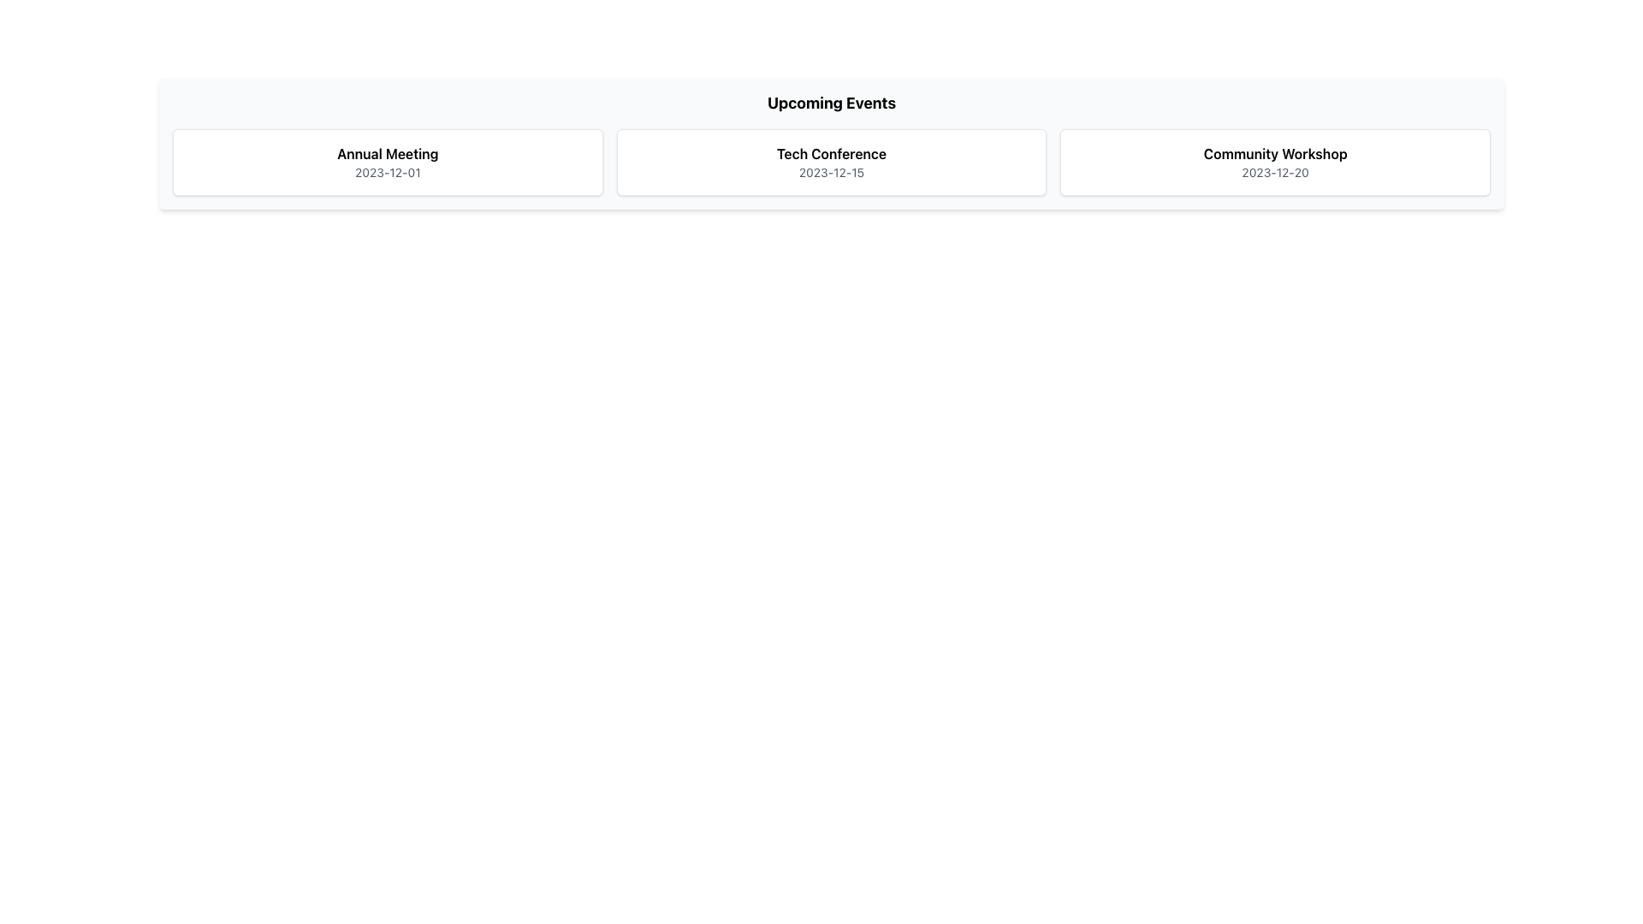  What do you see at coordinates (387, 162) in the screenshot?
I see `the first informational card that displays event details, located in the leftmost position of the horizontal list` at bounding box center [387, 162].